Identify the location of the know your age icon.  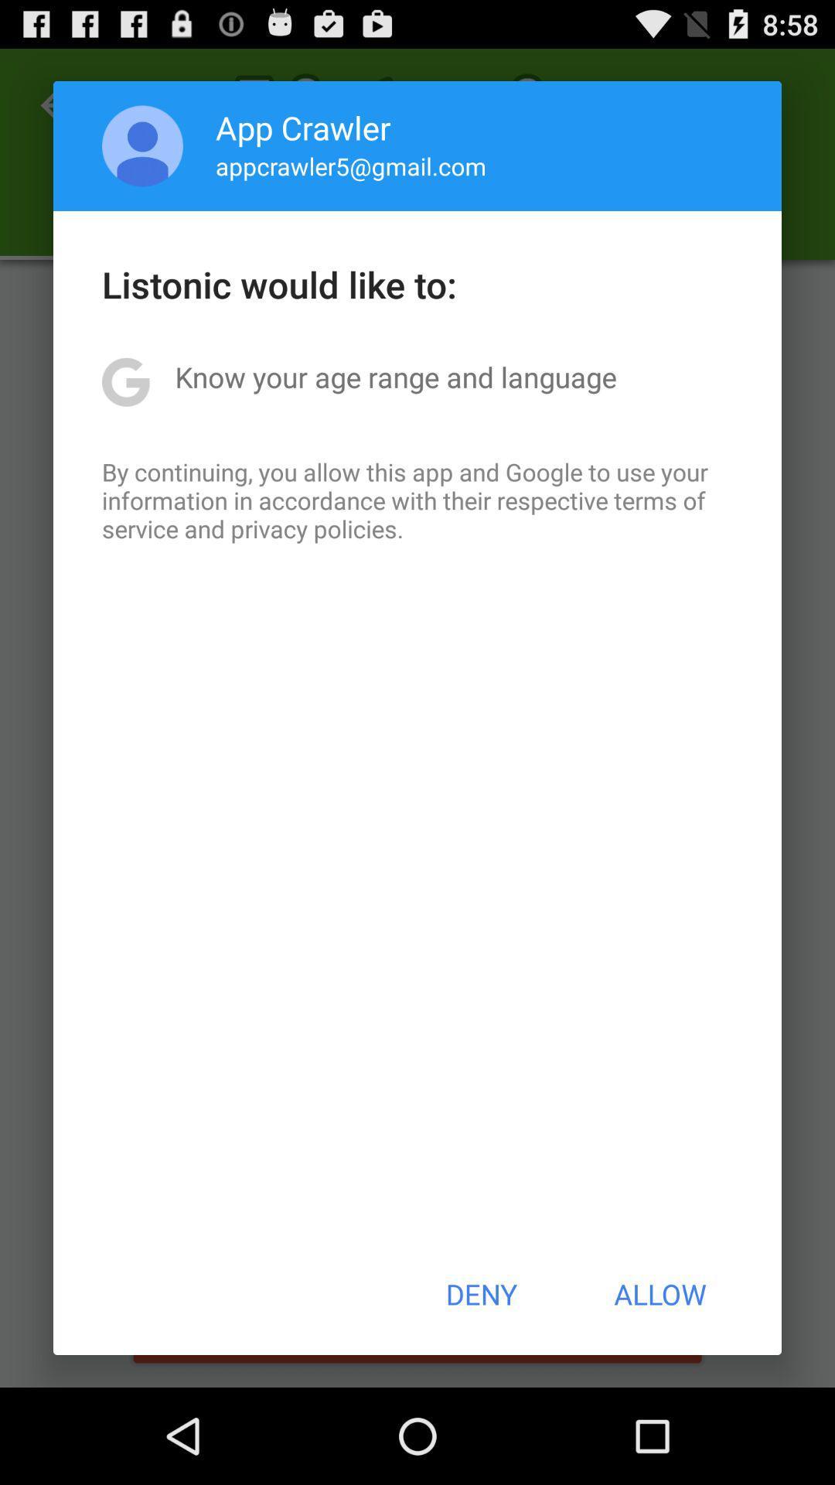
(395, 377).